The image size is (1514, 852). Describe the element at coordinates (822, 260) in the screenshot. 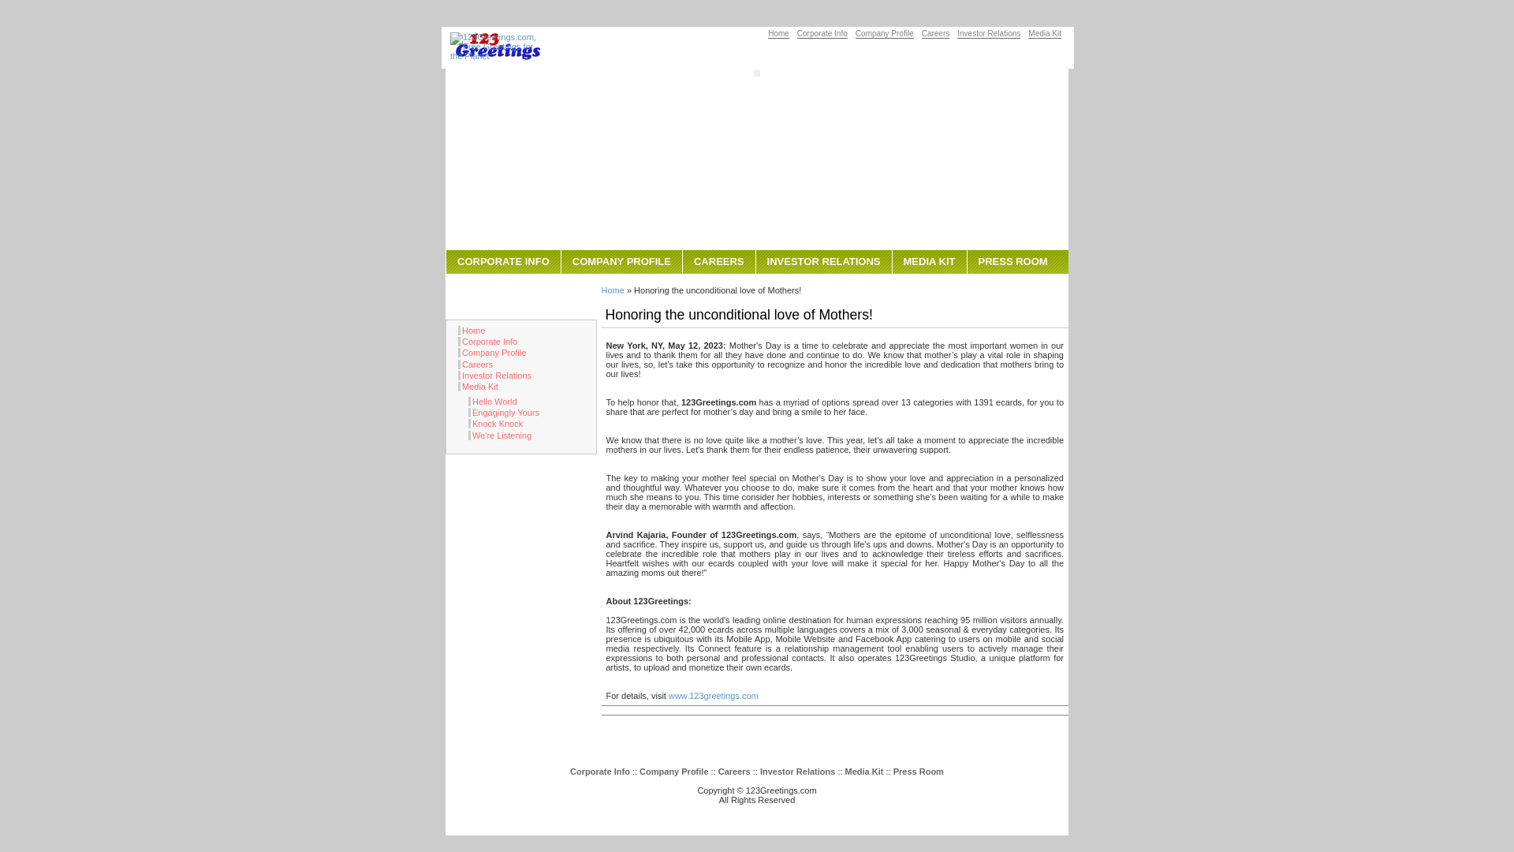

I see `'INVESTOR RELATIONS'` at that location.